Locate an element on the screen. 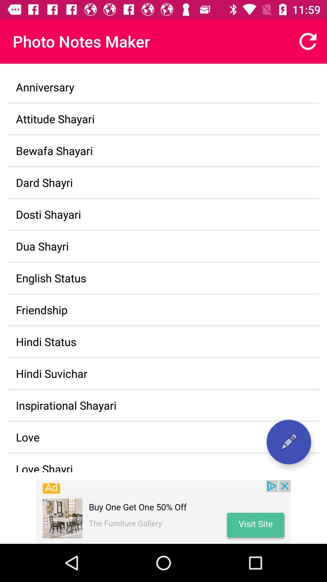  advertisement is located at coordinates (163, 512).